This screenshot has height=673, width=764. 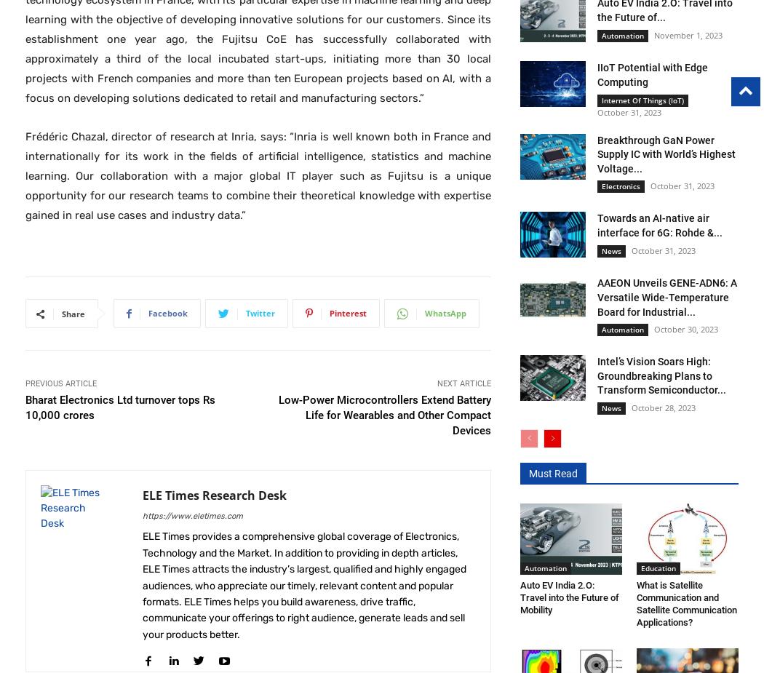 I want to click on 'Facebook', so click(x=168, y=312).